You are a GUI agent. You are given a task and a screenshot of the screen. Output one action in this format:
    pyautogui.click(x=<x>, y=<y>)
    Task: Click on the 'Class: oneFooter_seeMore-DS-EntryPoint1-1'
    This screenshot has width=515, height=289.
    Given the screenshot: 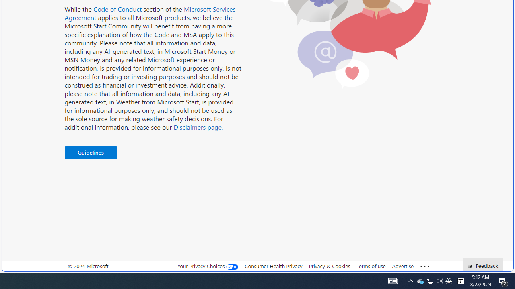 What is the action you would take?
    pyautogui.click(x=424, y=266)
    